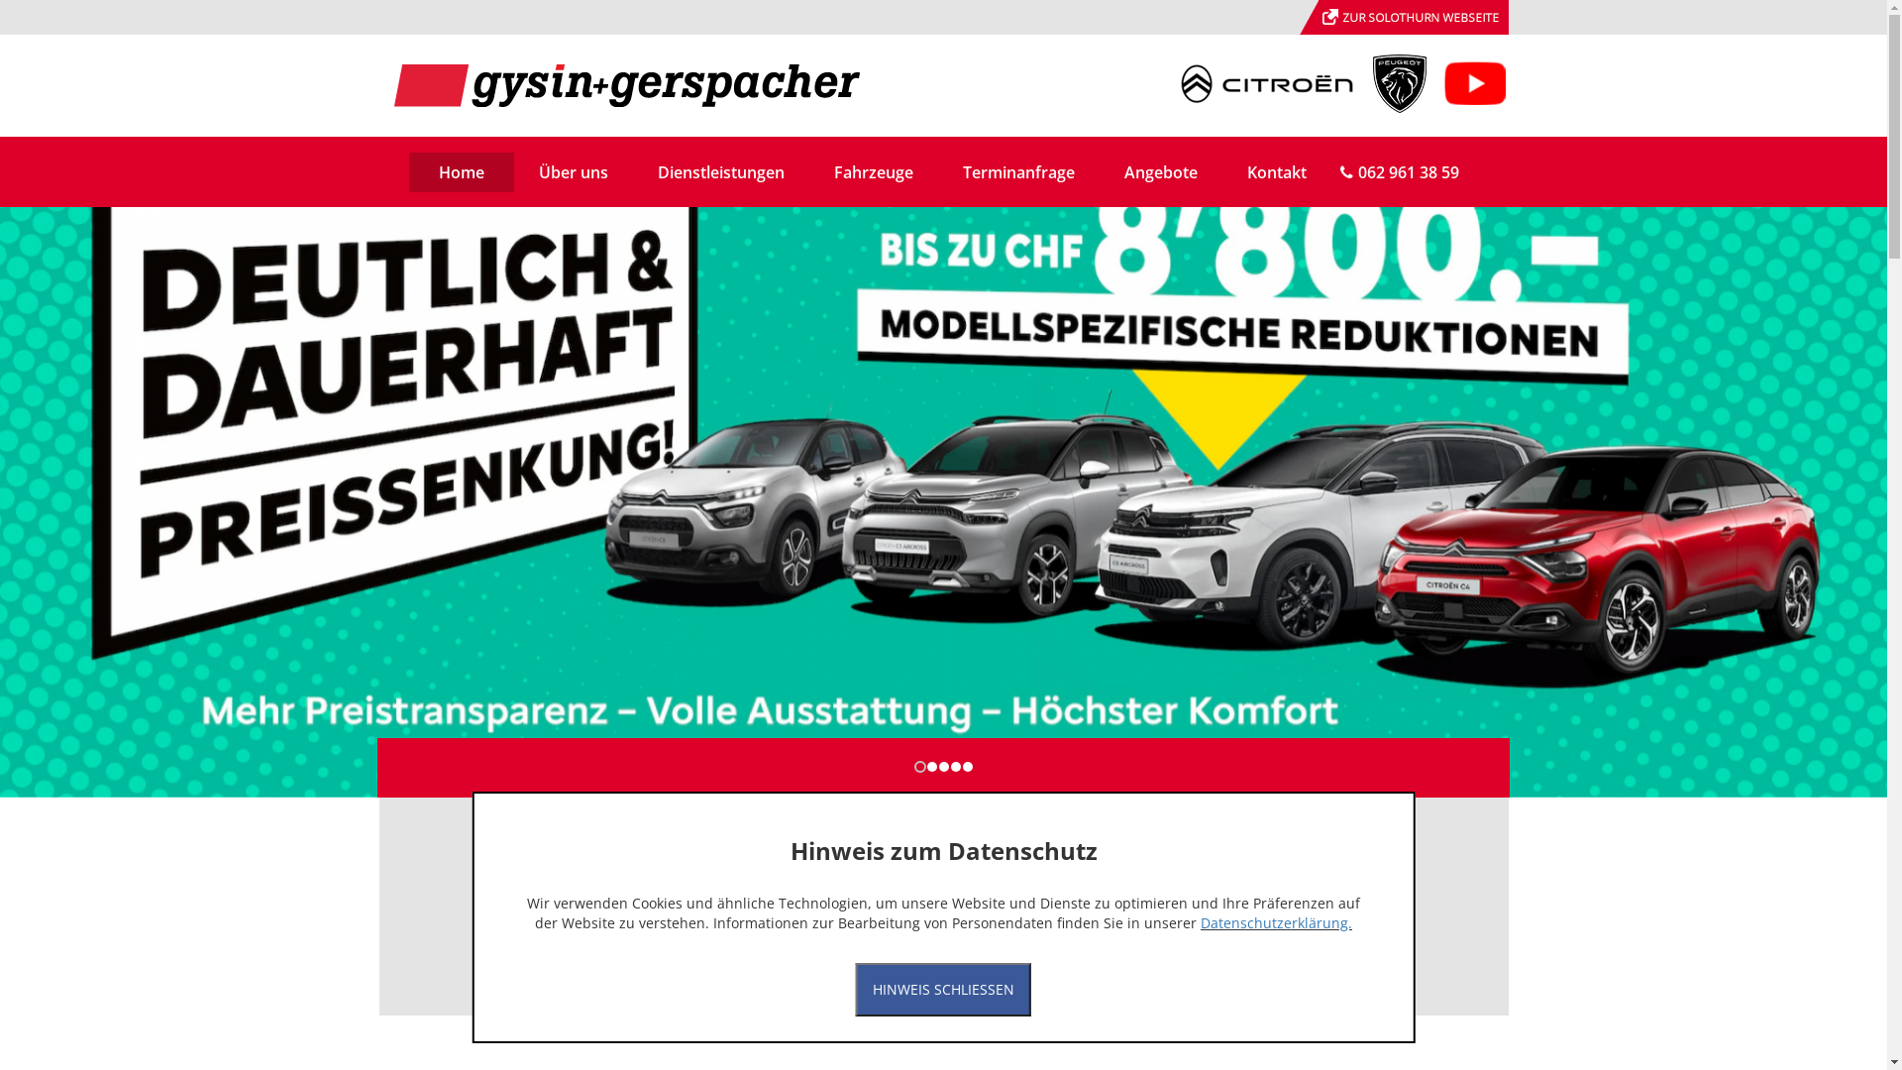  Describe the element at coordinates (1160, 170) in the screenshot. I see `'Angebote'` at that location.